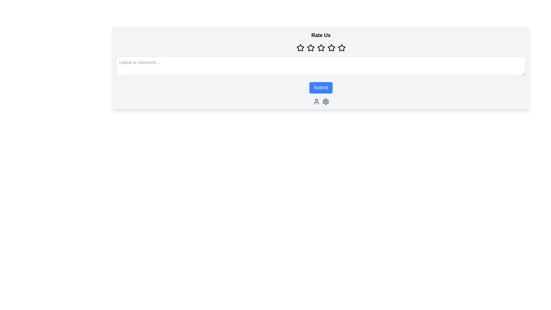 The width and height of the screenshot is (551, 310). I want to click on the user icon button, which is a rounded human figure displayed in gray, to trigger a tooltip or highlight, so click(316, 101).